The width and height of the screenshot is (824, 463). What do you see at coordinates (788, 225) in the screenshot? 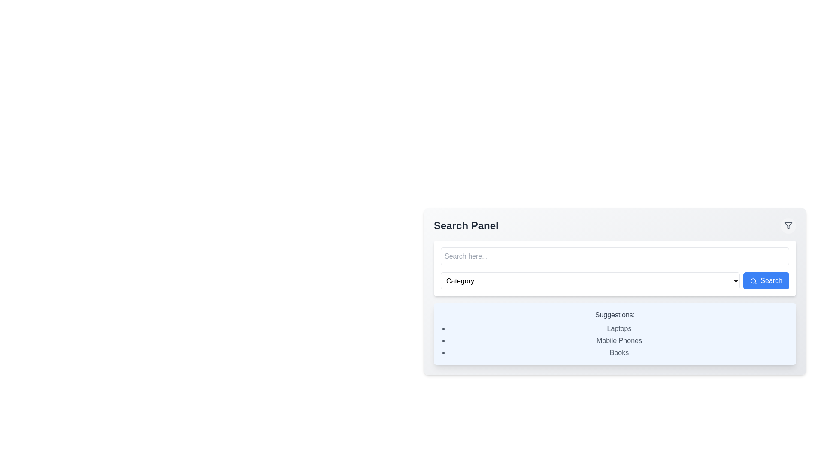
I see `the circular button with an icon located in the top-right corner of the 'Search Panel'` at bounding box center [788, 225].